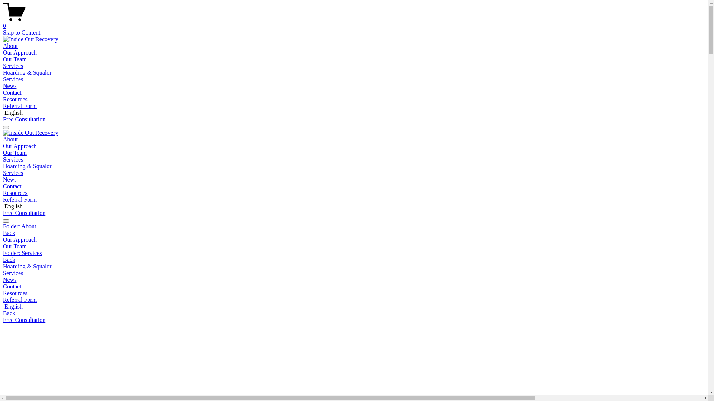 This screenshot has width=714, height=401. What do you see at coordinates (24, 213) in the screenshot?
I see `'Free Consultation'` at bounding box center [24, 213].